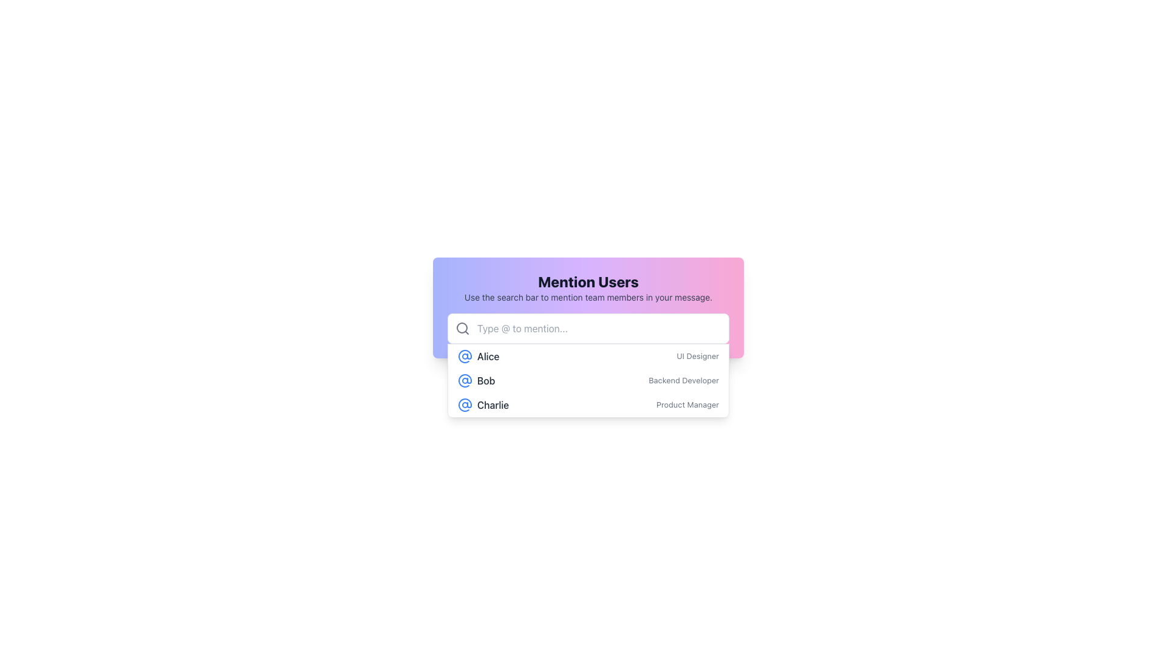 The image size is (1166, 656). I want to click on the interactive list item displaying the name 'Bob' and profession 'Backend Developer', so click(588, 380).